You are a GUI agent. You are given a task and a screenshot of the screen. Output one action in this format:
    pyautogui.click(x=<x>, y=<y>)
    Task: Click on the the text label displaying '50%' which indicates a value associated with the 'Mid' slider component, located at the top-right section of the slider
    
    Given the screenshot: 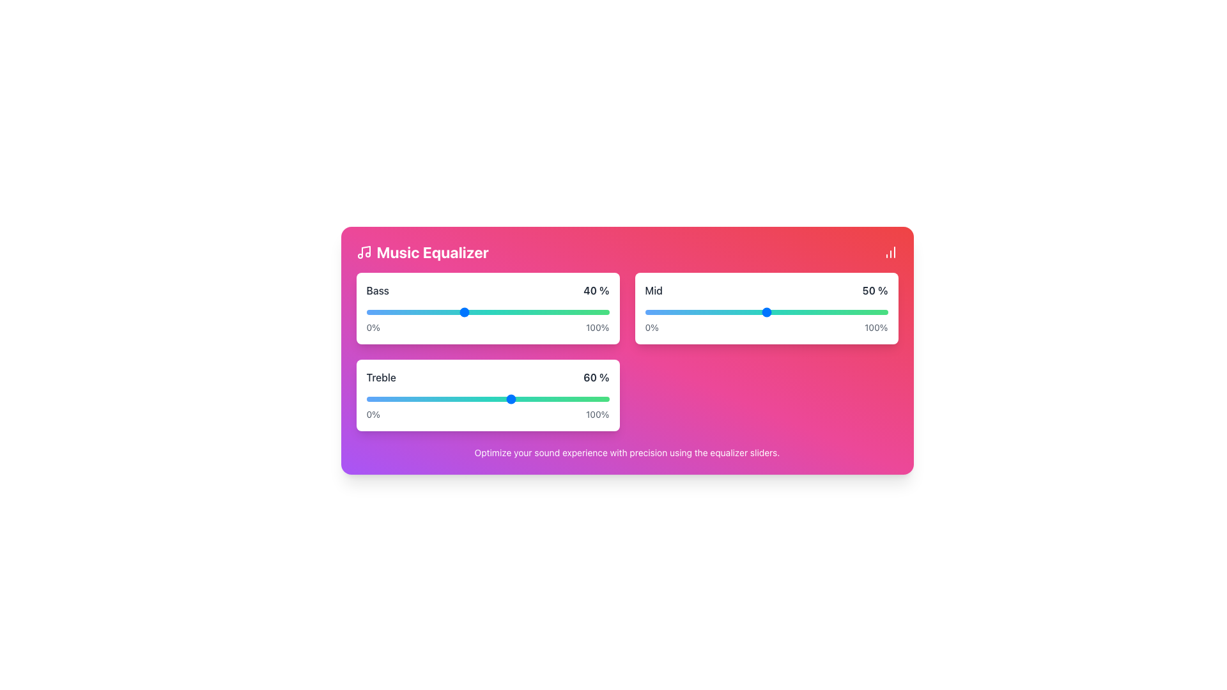 What is the action you would take?
    pyautogui.click(x=874, y=291)
    